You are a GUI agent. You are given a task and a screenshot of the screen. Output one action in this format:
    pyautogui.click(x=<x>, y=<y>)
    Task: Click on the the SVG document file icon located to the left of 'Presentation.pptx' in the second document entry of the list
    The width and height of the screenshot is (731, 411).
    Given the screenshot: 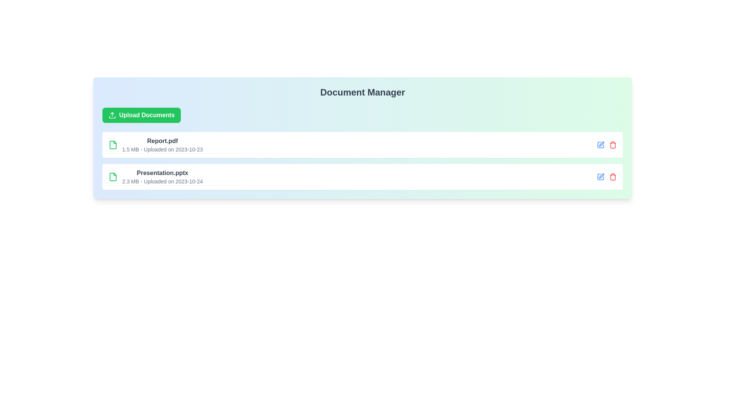 What is the action you would take?
    pyautogui.click(x=113, y=177)
    